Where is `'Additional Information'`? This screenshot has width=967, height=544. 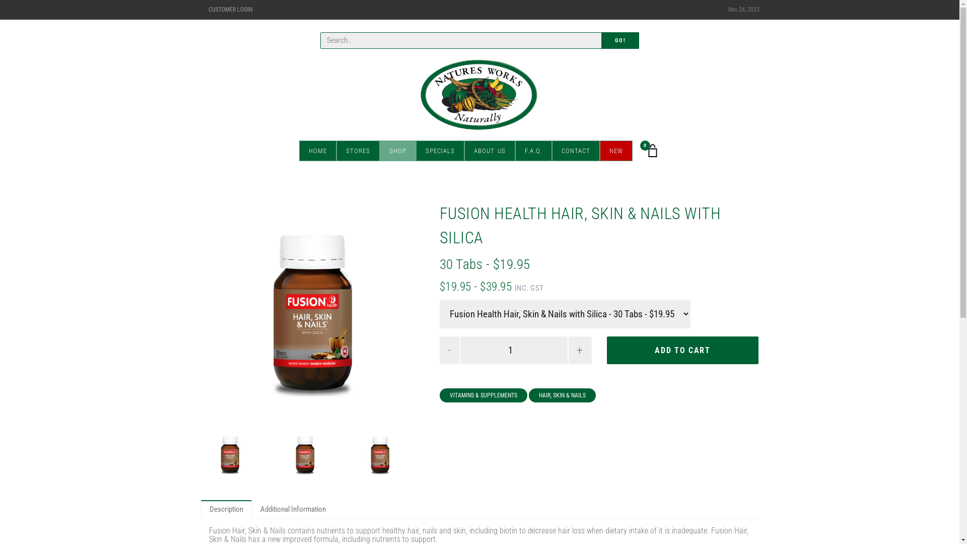 'Additional Information' is located at coordinates (292, 509).